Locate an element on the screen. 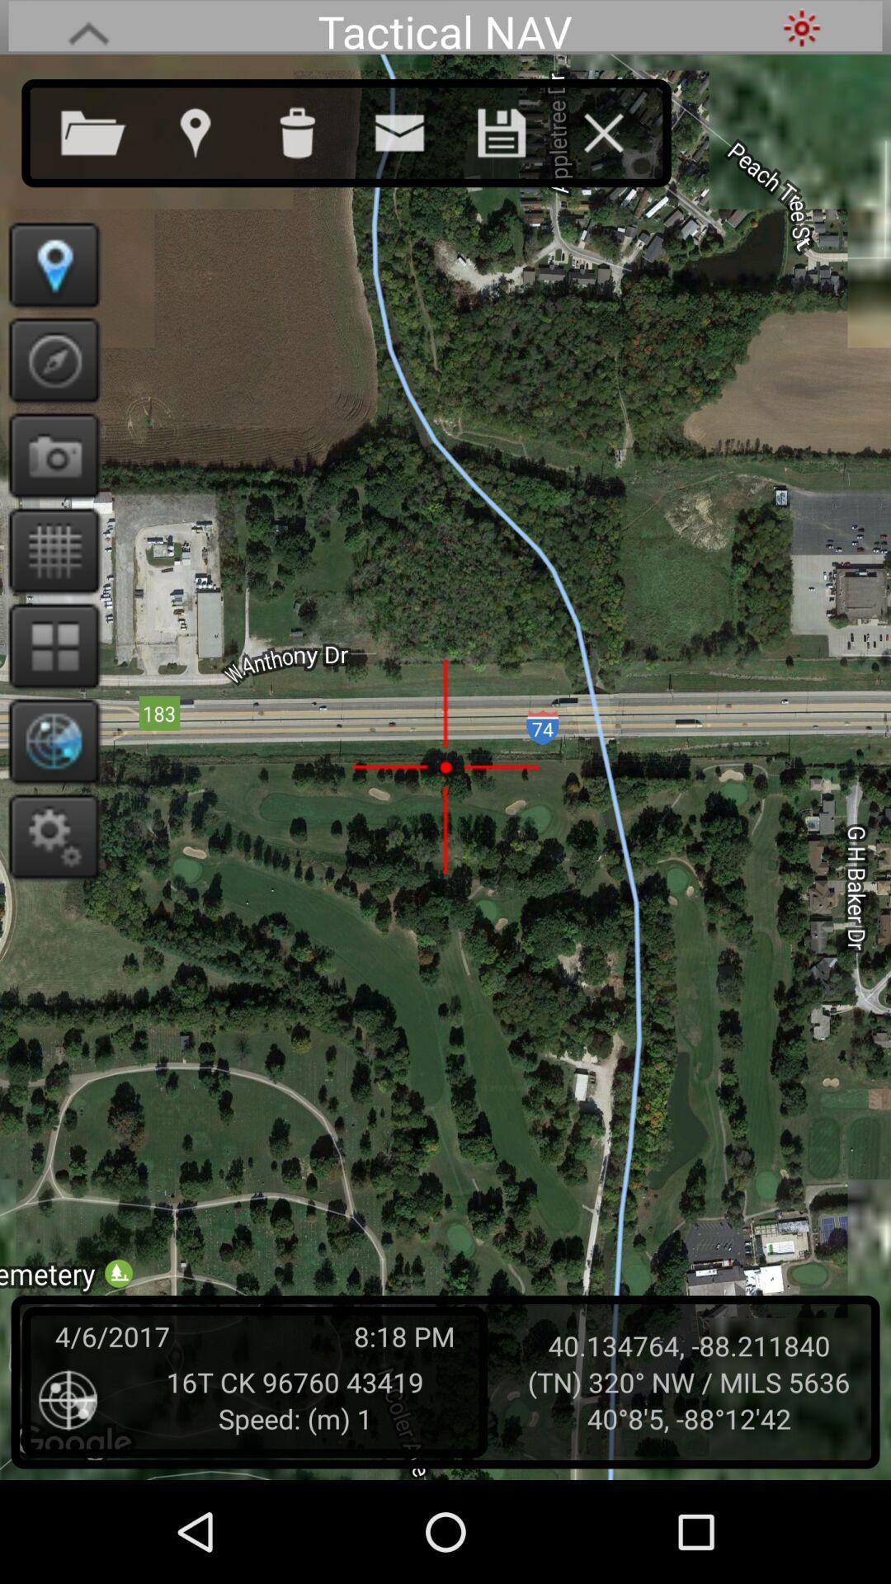 This screenshot has width=891, height=1584. exit this window is located at coordinates (620, 129).